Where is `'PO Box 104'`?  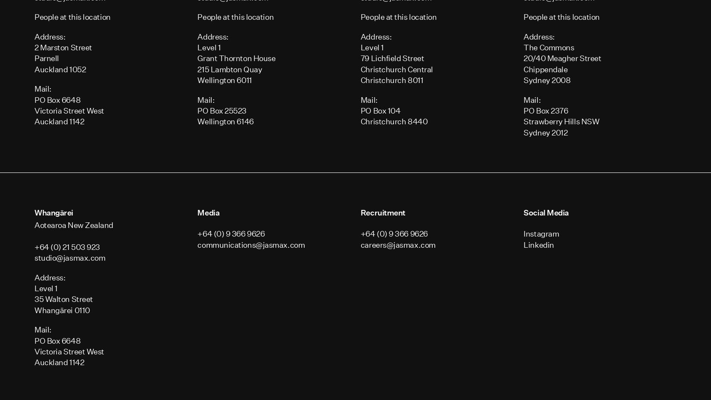 'PO Box 104' is located at coordinates (380, 110).